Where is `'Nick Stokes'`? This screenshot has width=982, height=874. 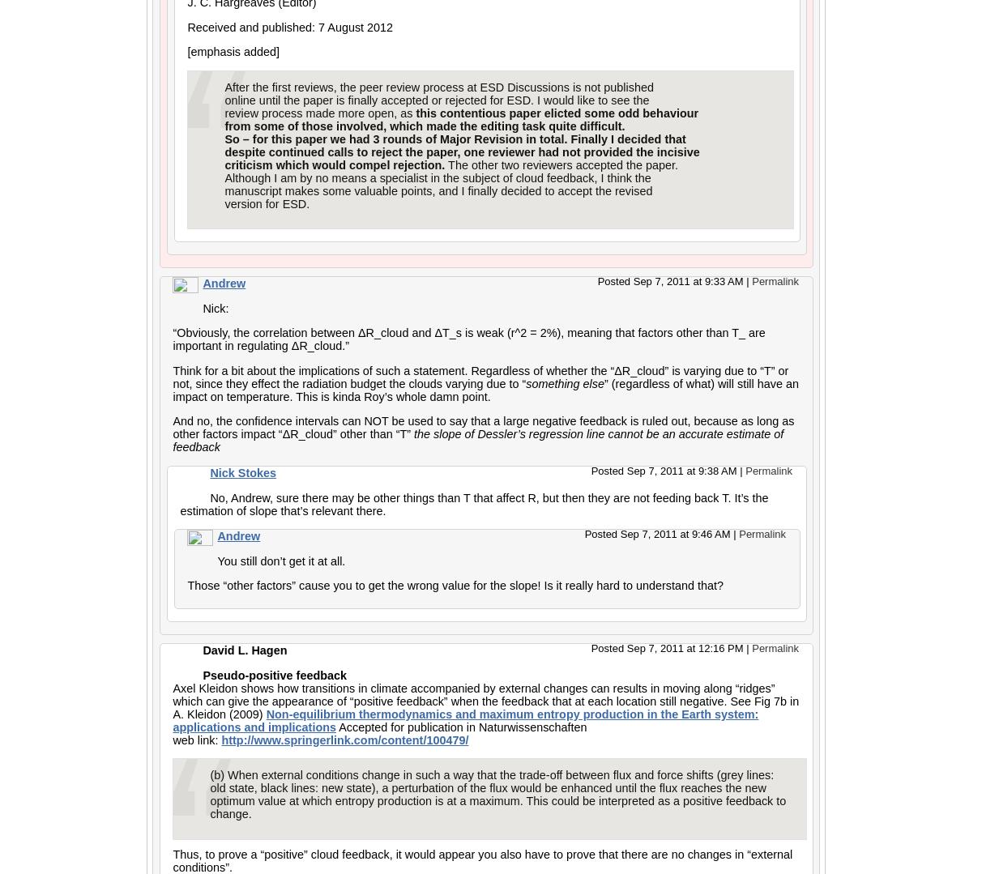
'Nick Stokes' is located at coordinates (242, 471).